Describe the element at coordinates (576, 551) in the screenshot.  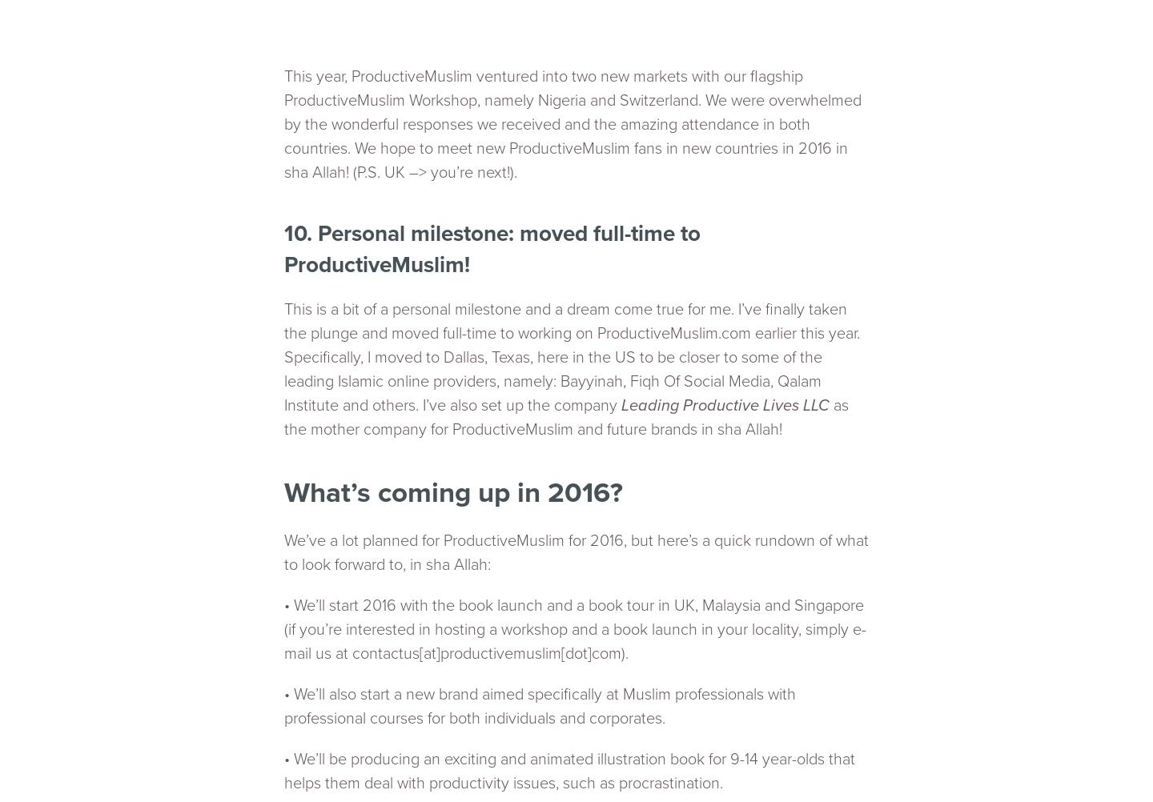
I see `'We’ve a lot planned for ProductiveMuslim for 2016, but here’s a quick rundown of what to look forward to, in sha Allah:'` at that location.